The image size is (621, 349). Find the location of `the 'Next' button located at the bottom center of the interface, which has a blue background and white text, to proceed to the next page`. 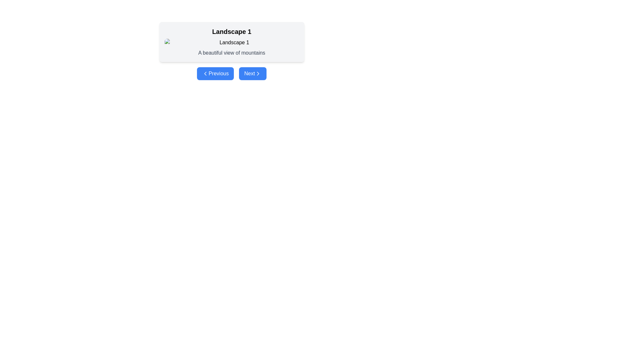

the 'Next' button located at the bottom center of the interface, which has a blue background and white text, to proceed to the next page is located at coordinates (252, 73).